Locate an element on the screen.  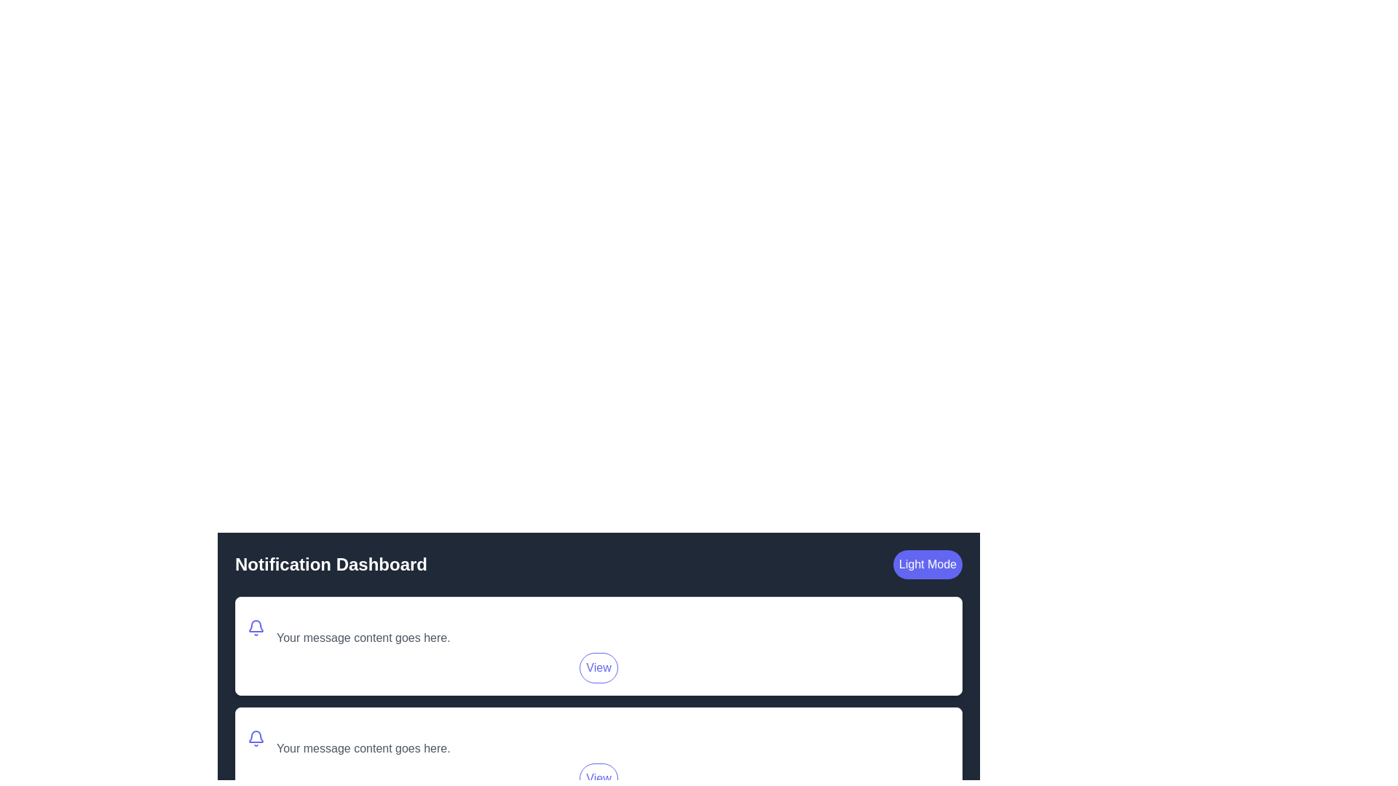
the 'Notification Dashboard' static text element, which is prominently displayed in bold white font against a dark background in the header section of the application is located at coordinates (331, 563).